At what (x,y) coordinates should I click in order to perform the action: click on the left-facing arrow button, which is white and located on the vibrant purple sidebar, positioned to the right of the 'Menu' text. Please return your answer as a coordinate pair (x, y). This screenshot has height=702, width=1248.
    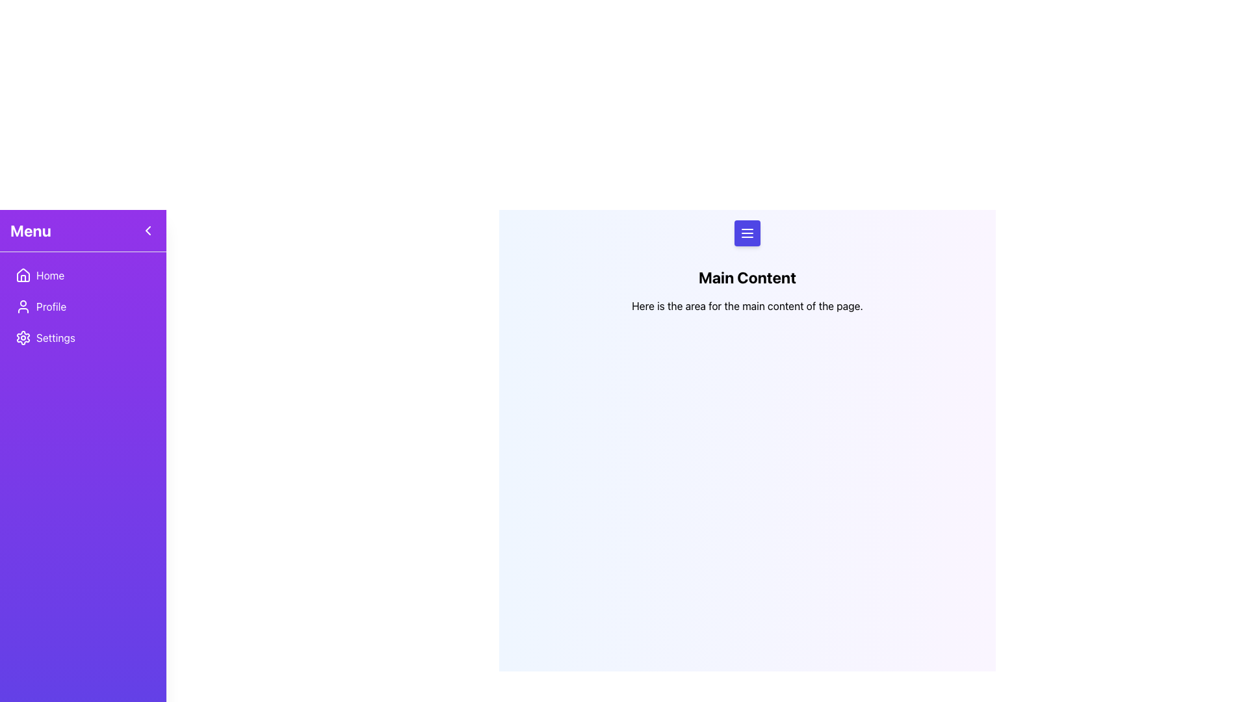
    Looking at the image, I should click on (148, 229).